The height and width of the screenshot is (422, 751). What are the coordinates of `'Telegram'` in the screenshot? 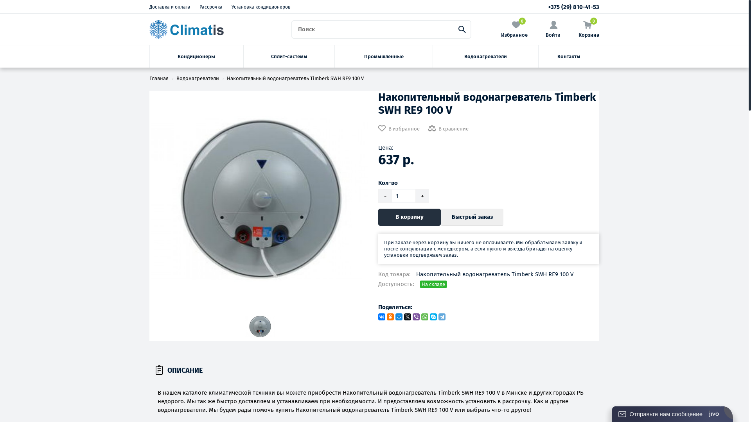 It's located at (442, 316).